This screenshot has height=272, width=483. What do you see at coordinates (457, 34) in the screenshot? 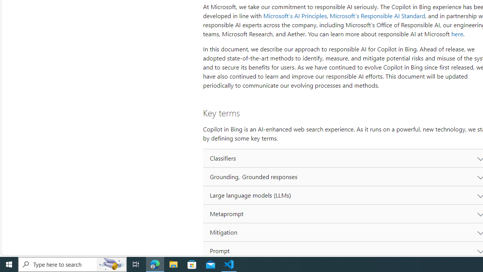
I see `'here'` at bounding box center [457, 34].